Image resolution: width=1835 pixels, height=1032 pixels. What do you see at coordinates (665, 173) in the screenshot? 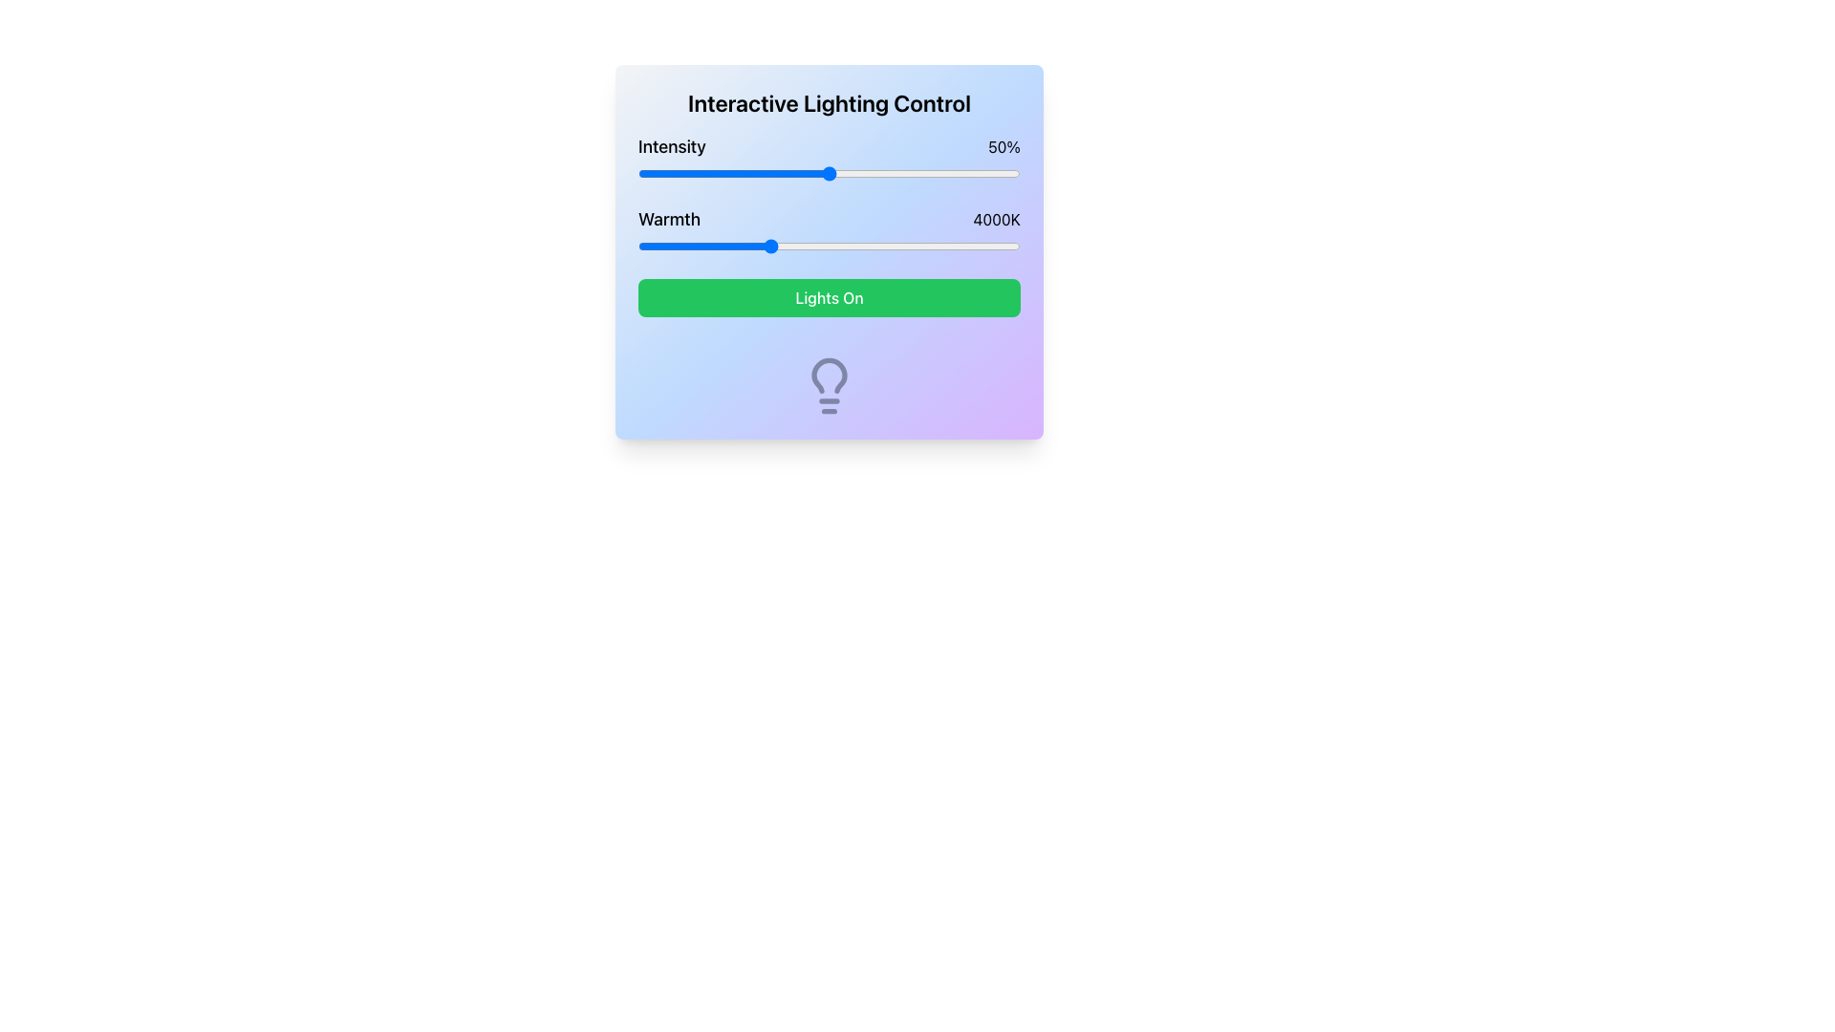
I see `the slider value` at bounding box center [665, 173].